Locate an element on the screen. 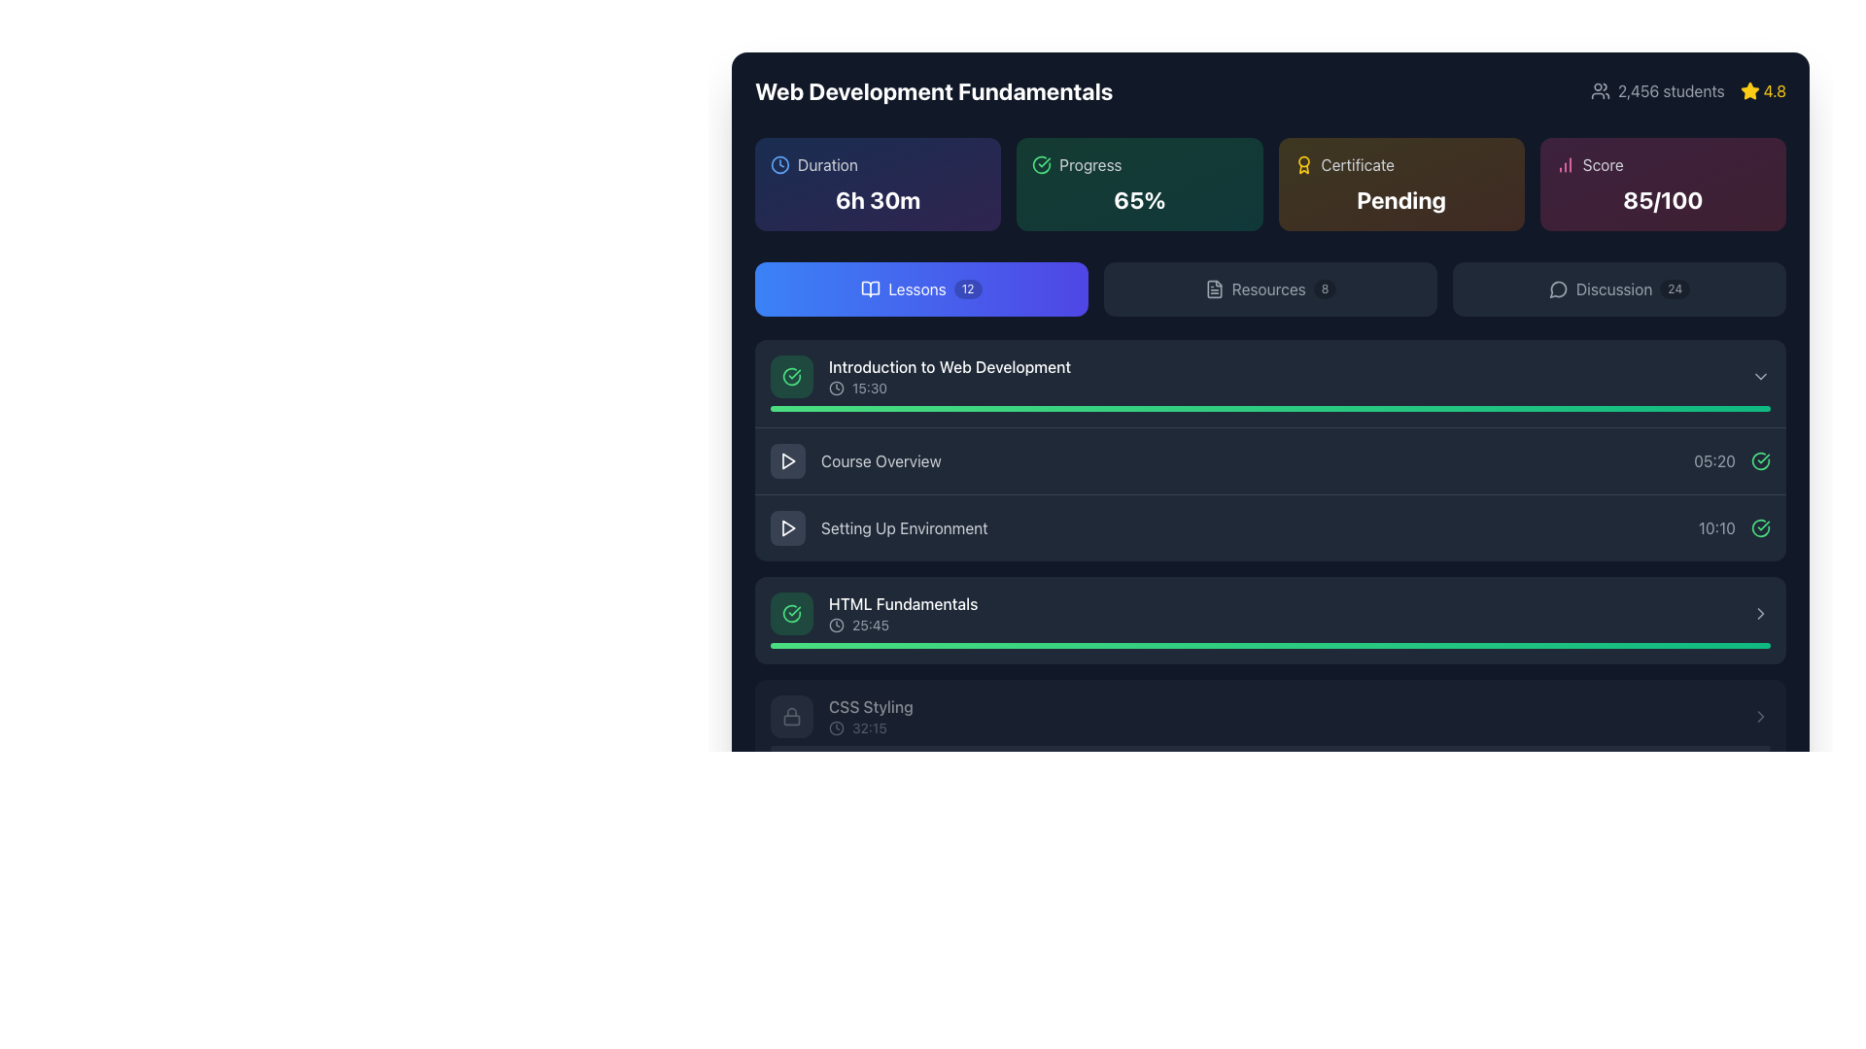  the first list item for the 'Introduction to Web Development' lesson is located at coordinates (1270, 383).